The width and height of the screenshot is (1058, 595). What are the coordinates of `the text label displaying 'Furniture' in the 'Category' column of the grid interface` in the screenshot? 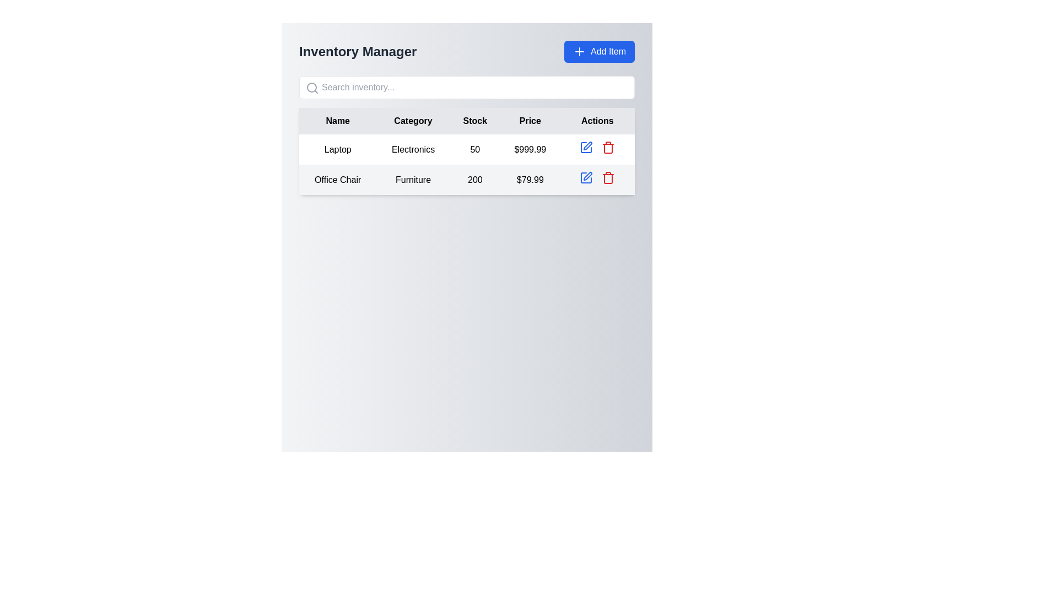 It's located at (413, 179).